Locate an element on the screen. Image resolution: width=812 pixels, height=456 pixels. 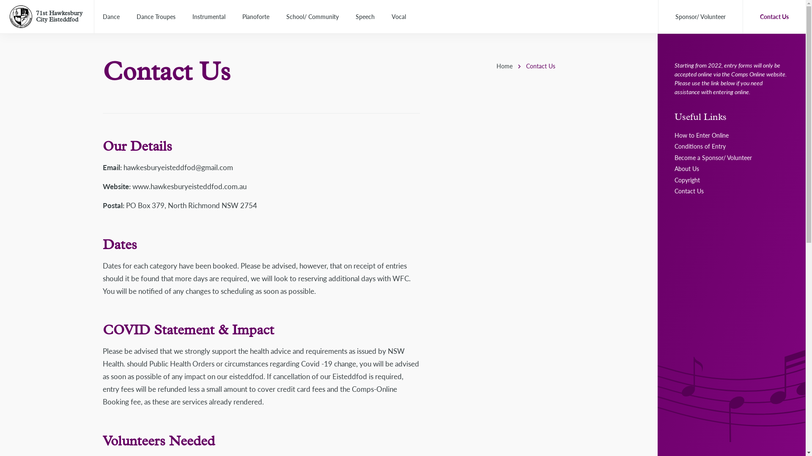
'Contact Us' is located at coordinates (689, 190).